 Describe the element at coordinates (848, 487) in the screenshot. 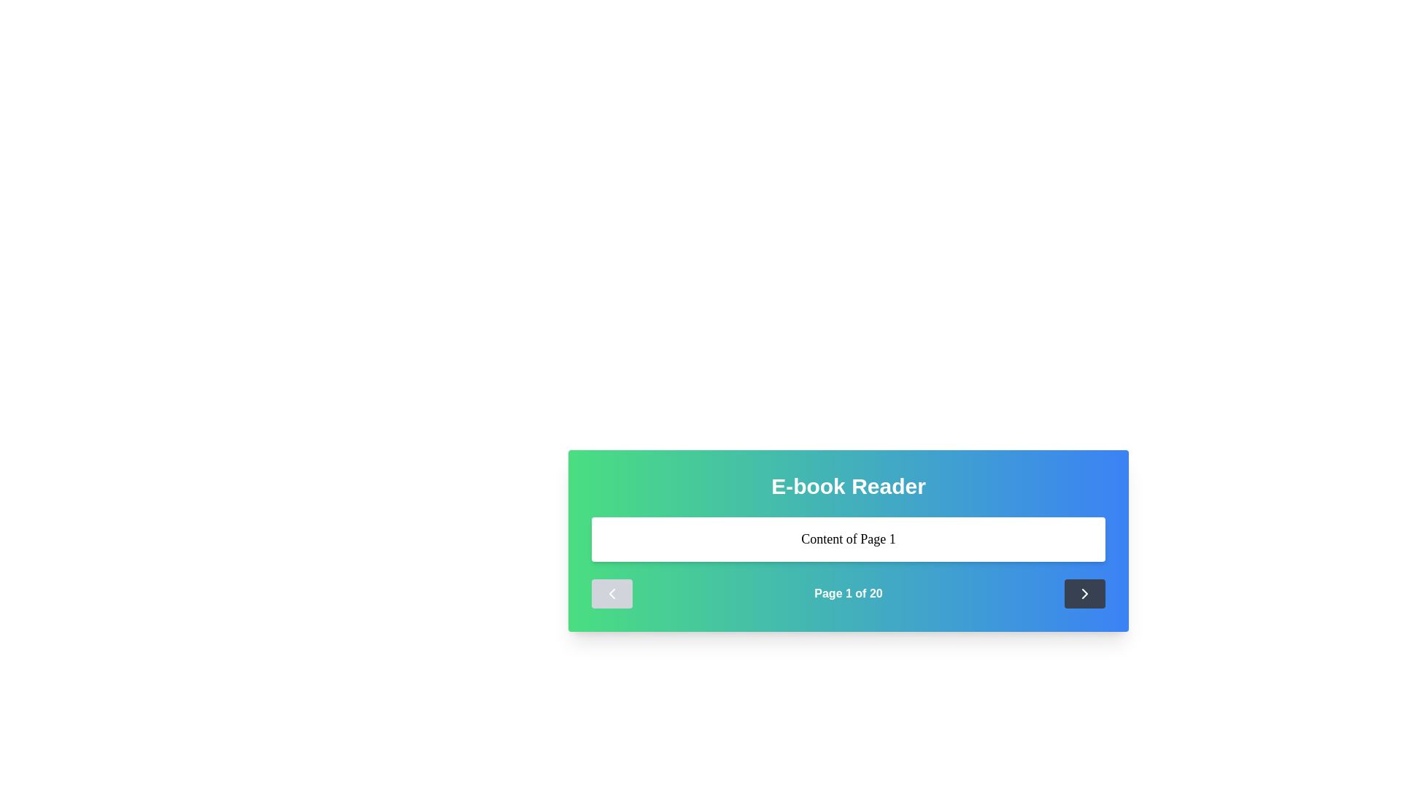

I see `the 'E-book Reader' text header, which is a prominent element at the top center of the colorful panel` at that location.